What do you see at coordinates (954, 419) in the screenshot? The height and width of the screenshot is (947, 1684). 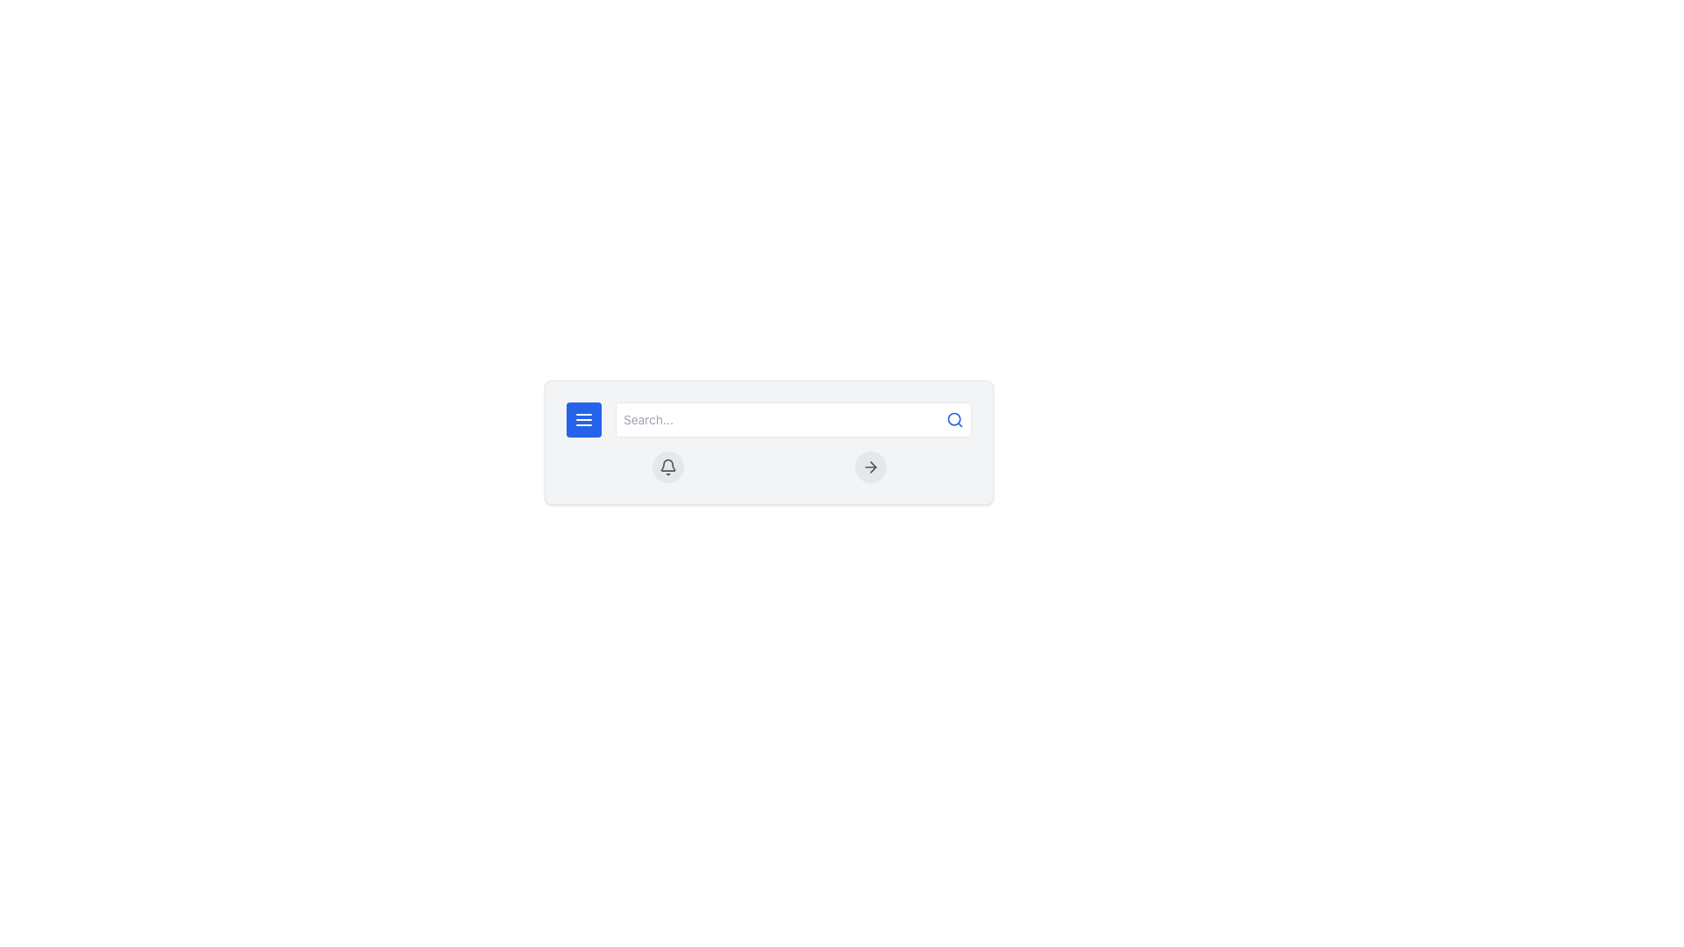 I see `the search button icon located at the right end of the search bar` at bounding box center [954, 419].